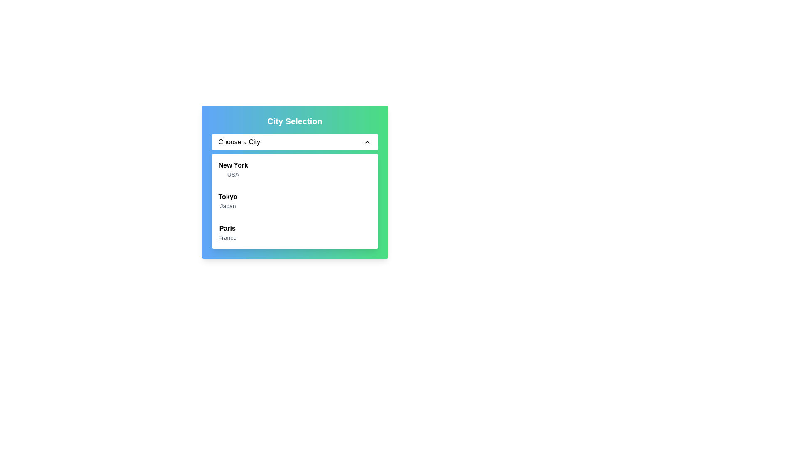 This screenshot has height=449, width=798. I want to click on the second clickable list item, which displays 'Tokyo' in bold and 'Japan' in smaller gray font, so click(295, 201).